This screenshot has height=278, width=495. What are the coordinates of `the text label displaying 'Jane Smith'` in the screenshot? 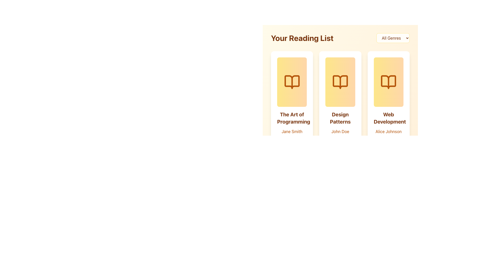 It's located at (292, 131).